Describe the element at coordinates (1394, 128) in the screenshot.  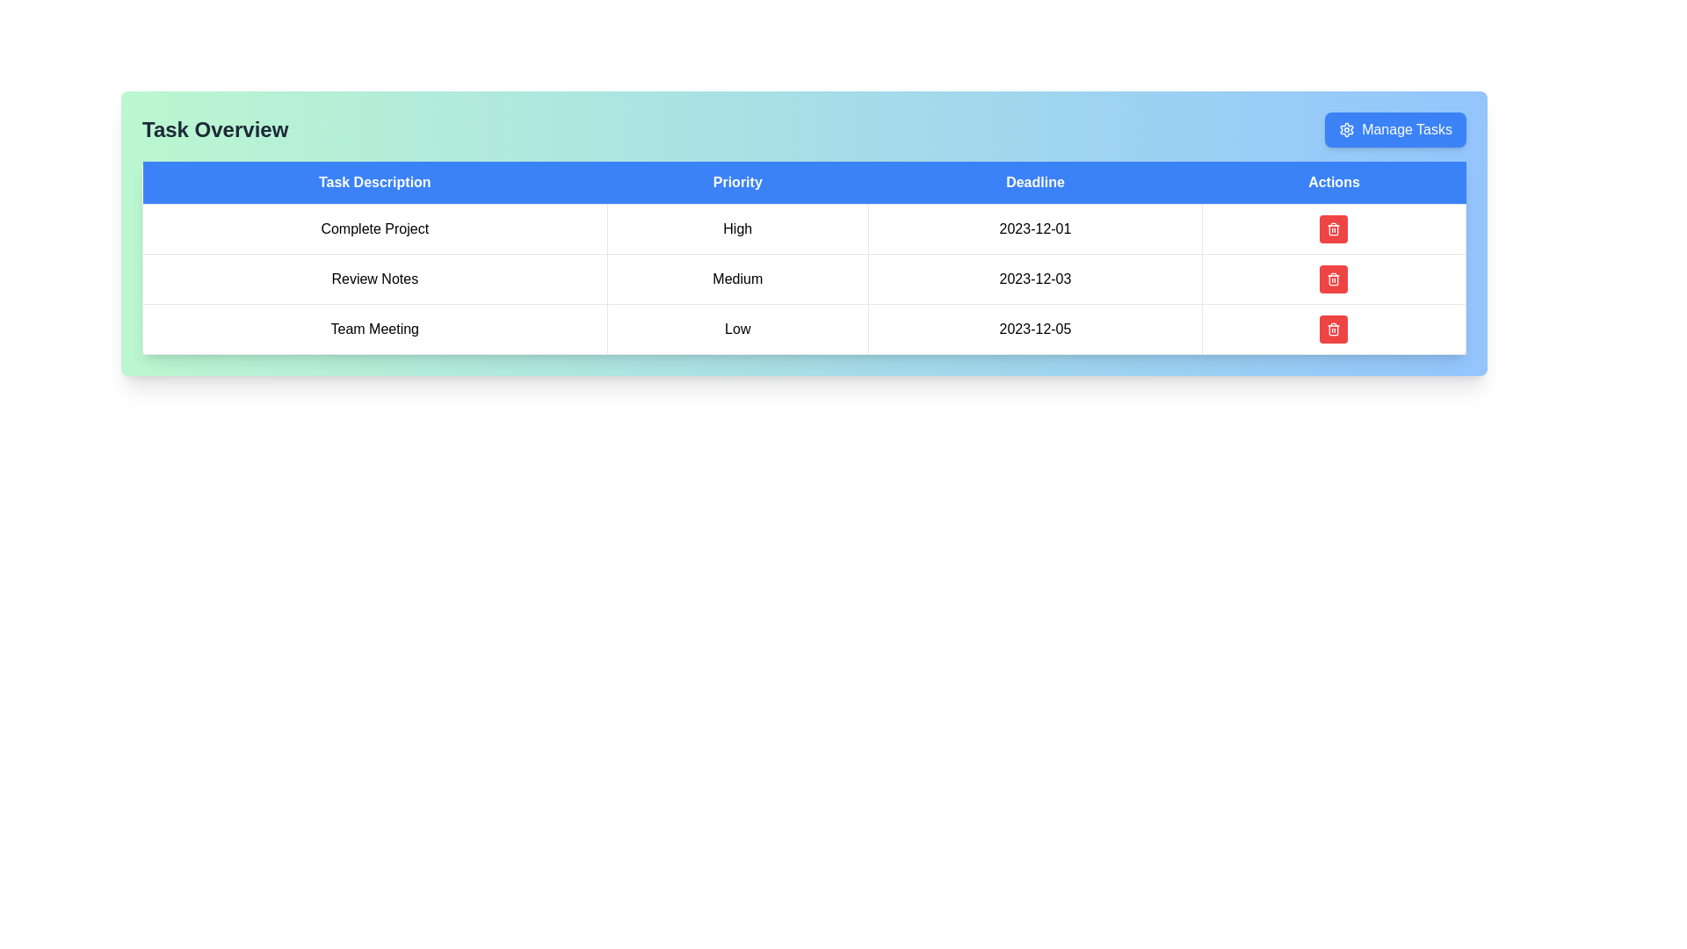
I see `the task management button located on the top-right corner of the 'Task Overview' section, positioned to the right of the 'Task Overview' header` at that location.